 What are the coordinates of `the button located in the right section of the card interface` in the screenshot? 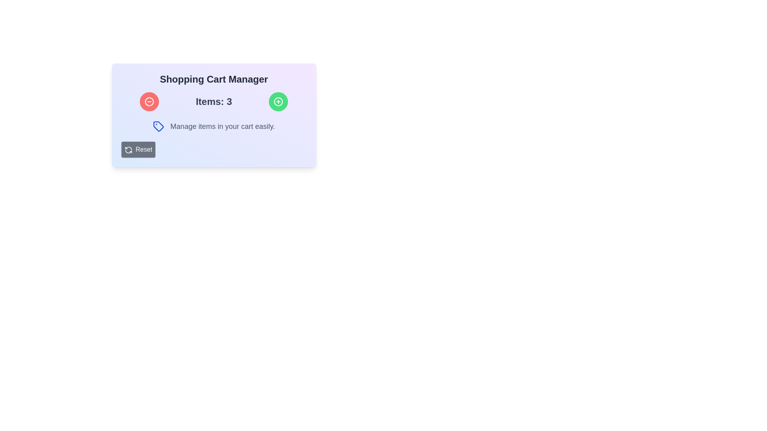 It's located at (278, 101).